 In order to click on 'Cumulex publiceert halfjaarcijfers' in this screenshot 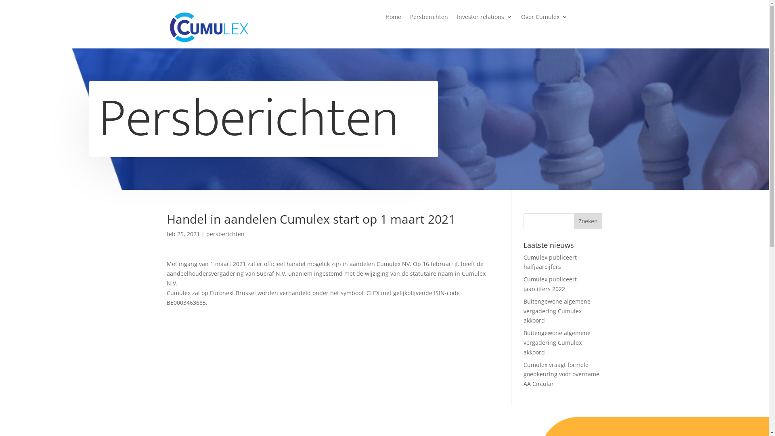, I will do `click(550, 262)`.